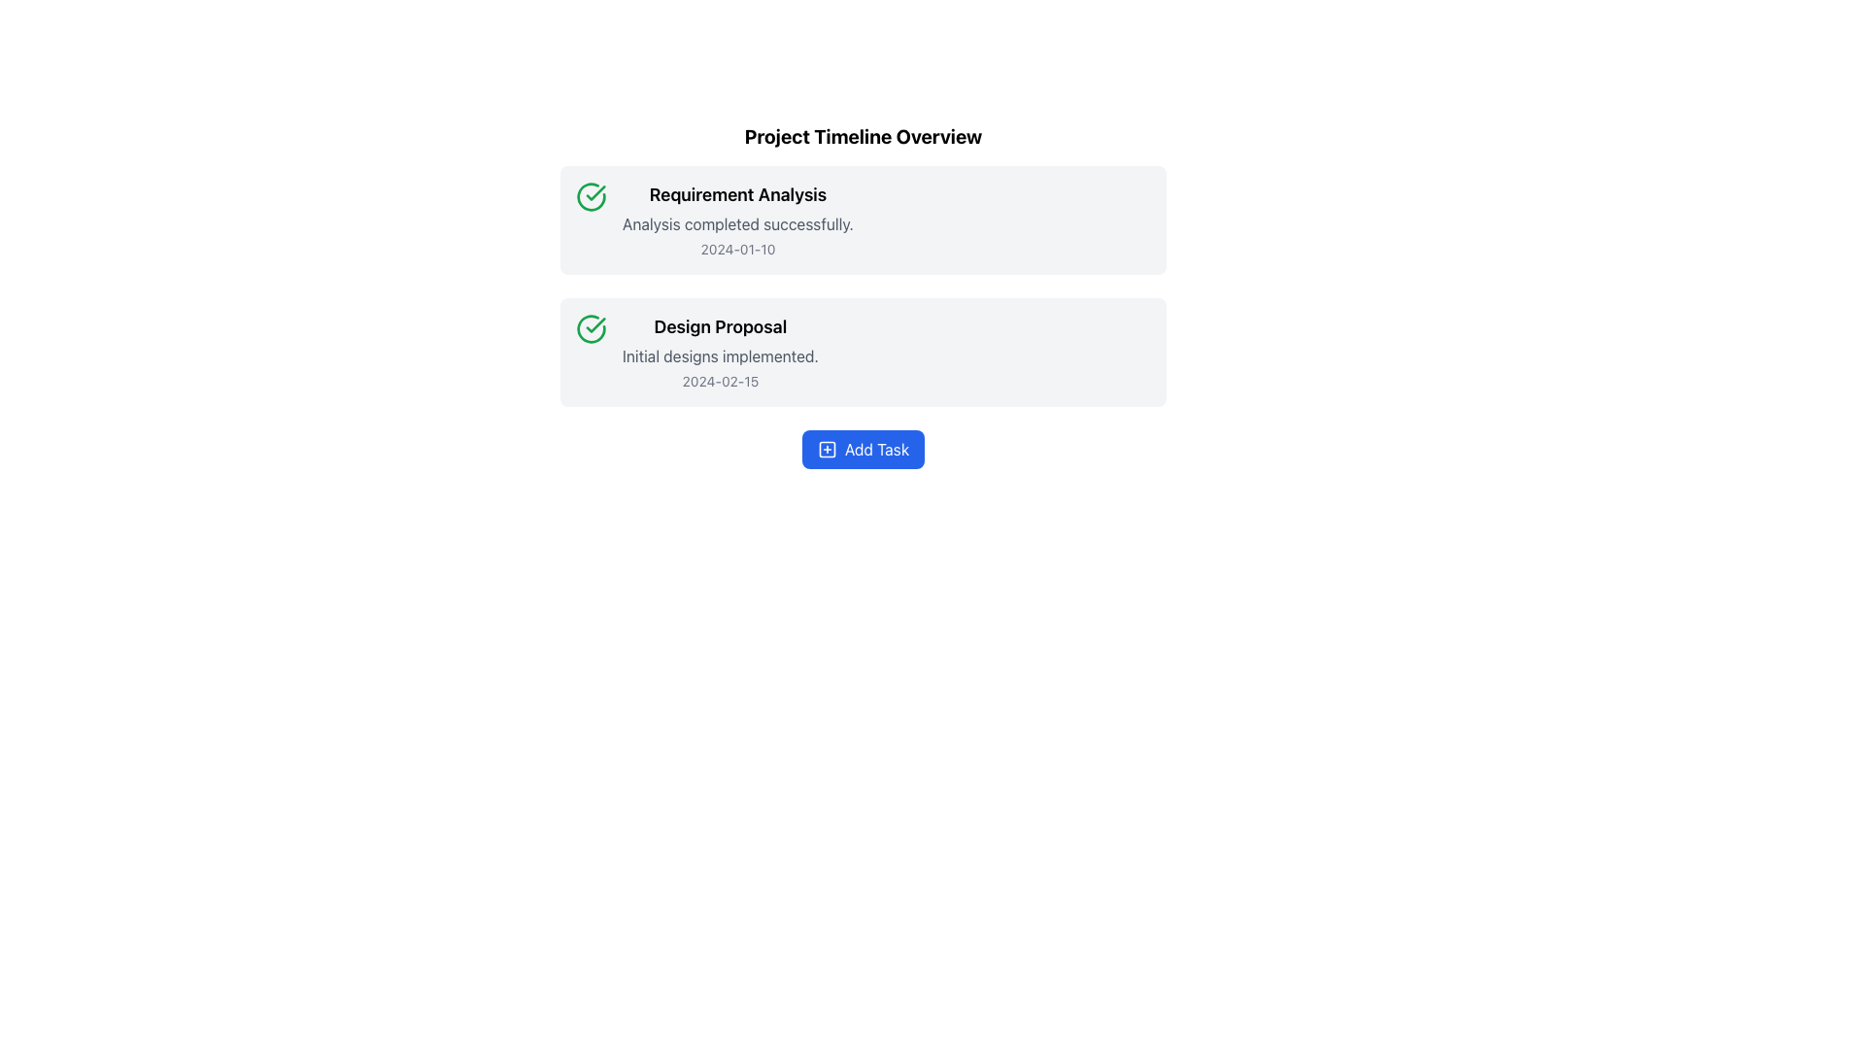 The image size is (1865, 1049). What do you see at coordinates (719, 382) in the screenshot?
I see `the date display element showing '2024-02-15', which is located below the phrase 'Initial designs implemented.'` at bounding box center [719, 382].